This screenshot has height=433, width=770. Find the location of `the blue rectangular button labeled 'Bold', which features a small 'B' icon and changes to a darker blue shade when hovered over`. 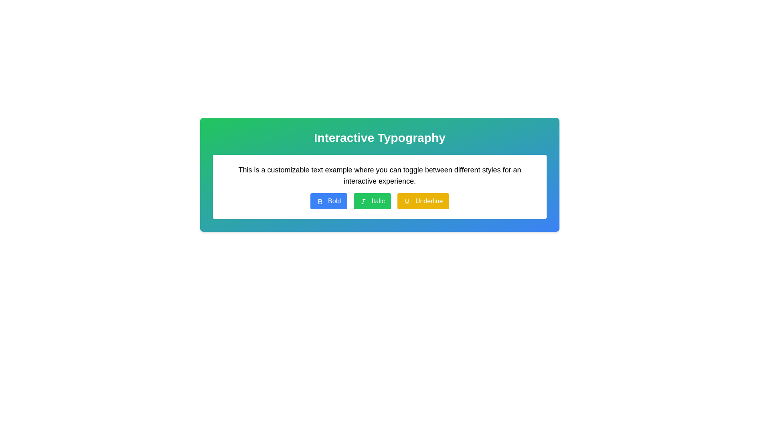

the blue rectangular button labeled 'Bold', which features a small 'B' icon and changes to a darker blue shade when hovered over is located at coordinates (328, 200).